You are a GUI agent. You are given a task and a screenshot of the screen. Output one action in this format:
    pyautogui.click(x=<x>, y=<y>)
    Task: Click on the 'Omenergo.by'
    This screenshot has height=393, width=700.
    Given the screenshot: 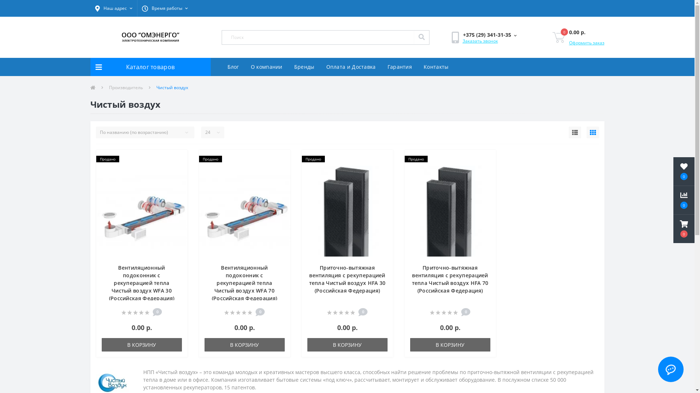 What is the action you would take?
    pyautogui.click(x=150, y=37)
    